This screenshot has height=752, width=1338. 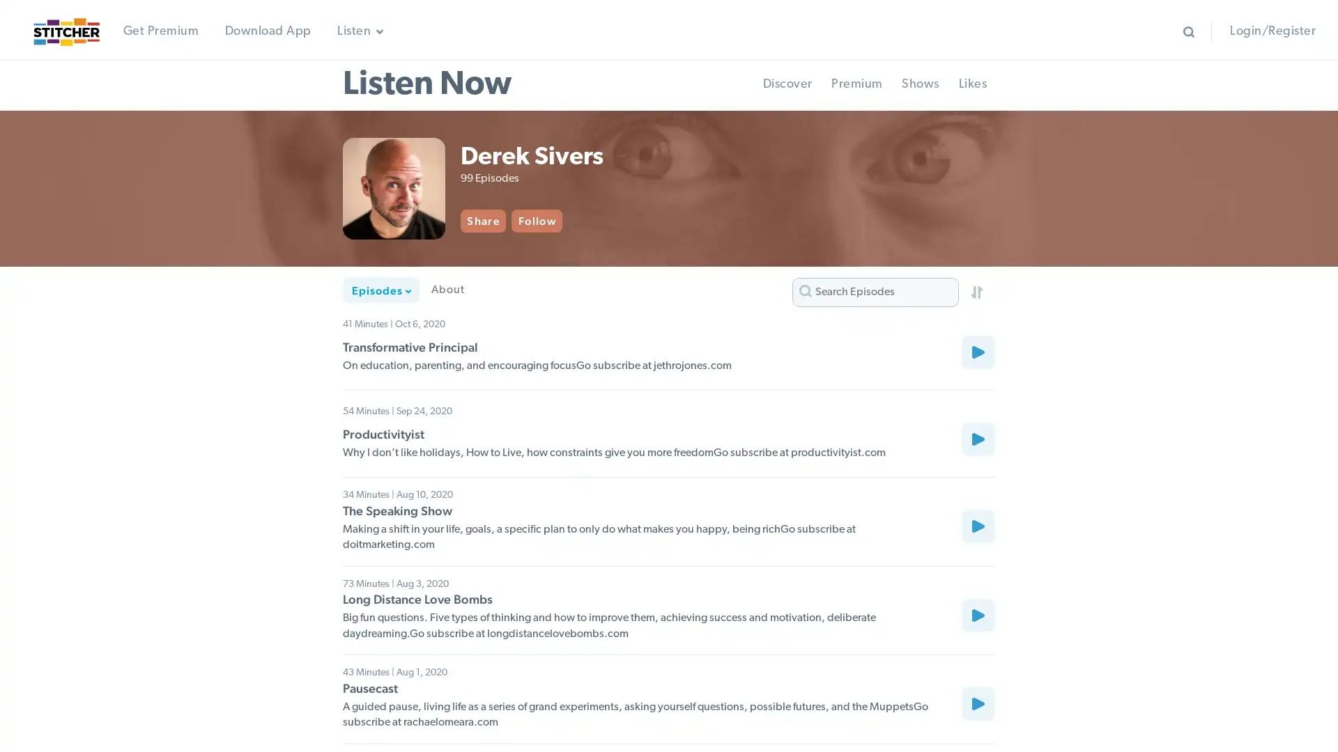 I want to click on About, so click(x=447, y=289).